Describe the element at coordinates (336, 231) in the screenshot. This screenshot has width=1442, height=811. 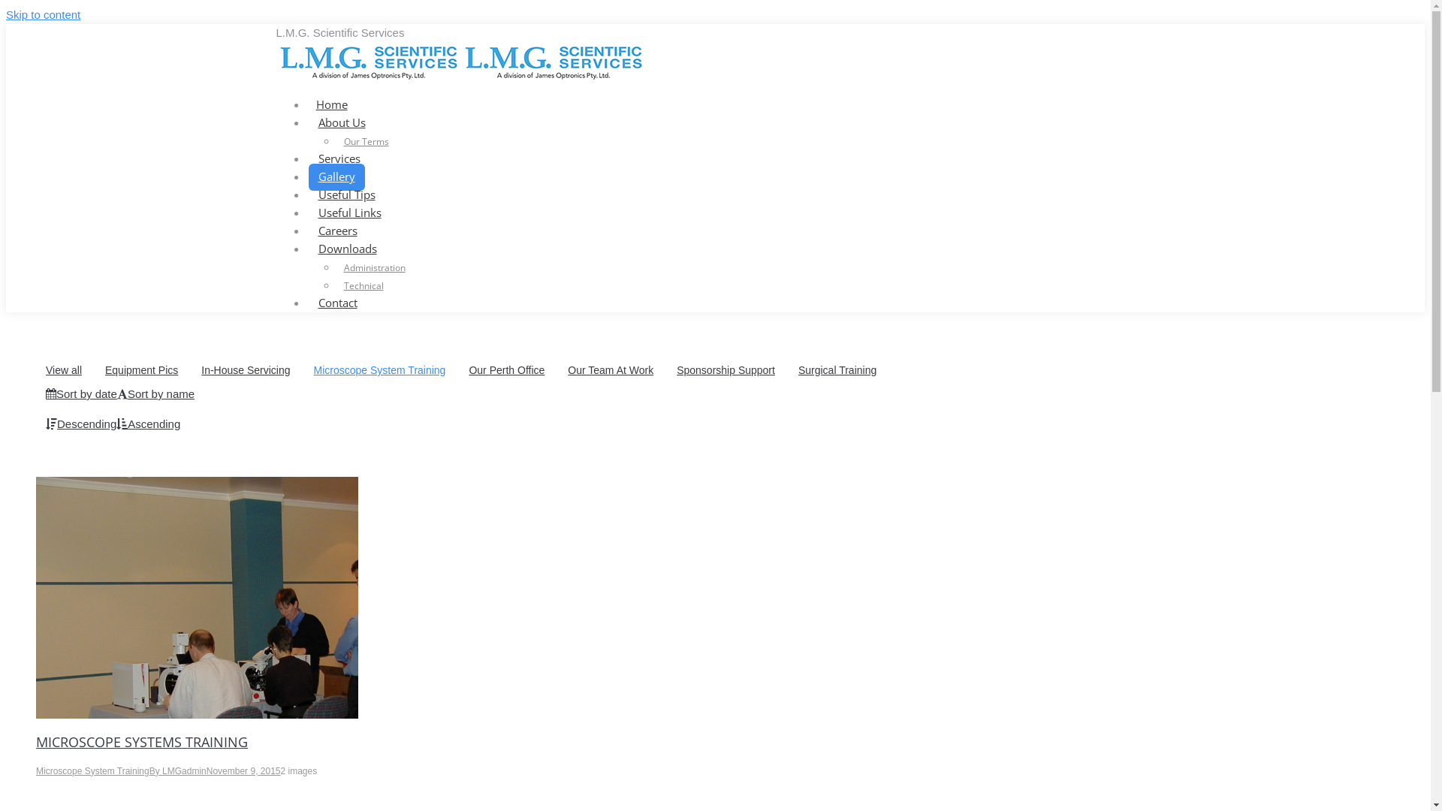
I see `'Careers'` at that location.